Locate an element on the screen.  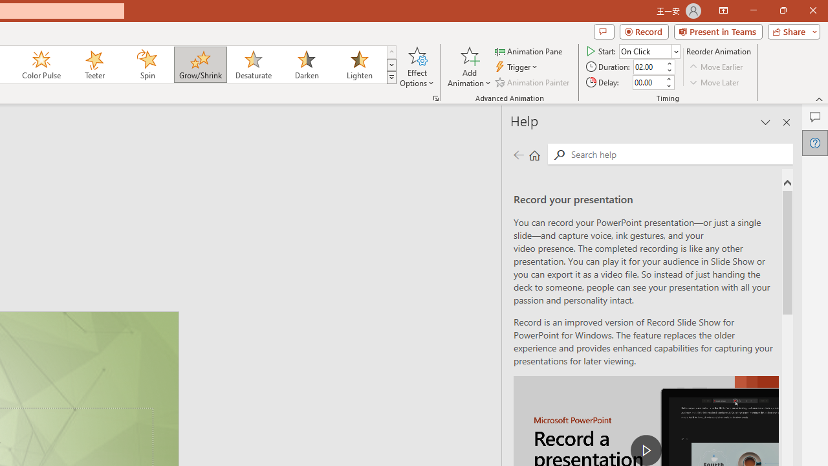
'Teeter' is located at coordinates (93, 65).